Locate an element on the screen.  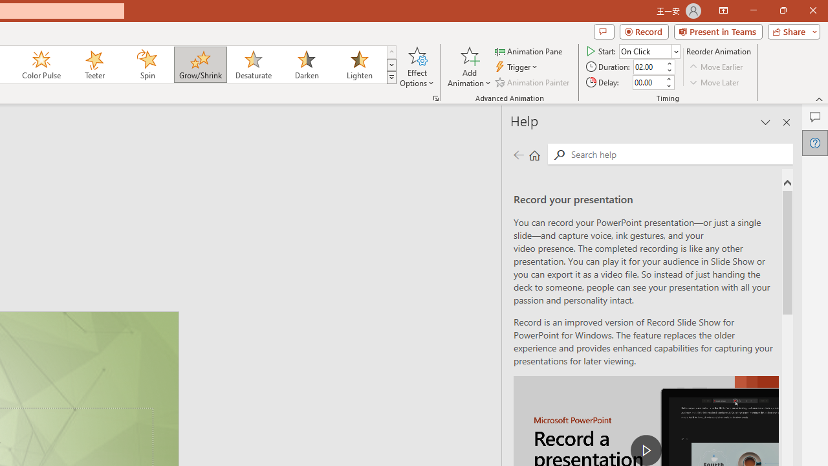
'Teeter' is located at coordinates (93, 65).